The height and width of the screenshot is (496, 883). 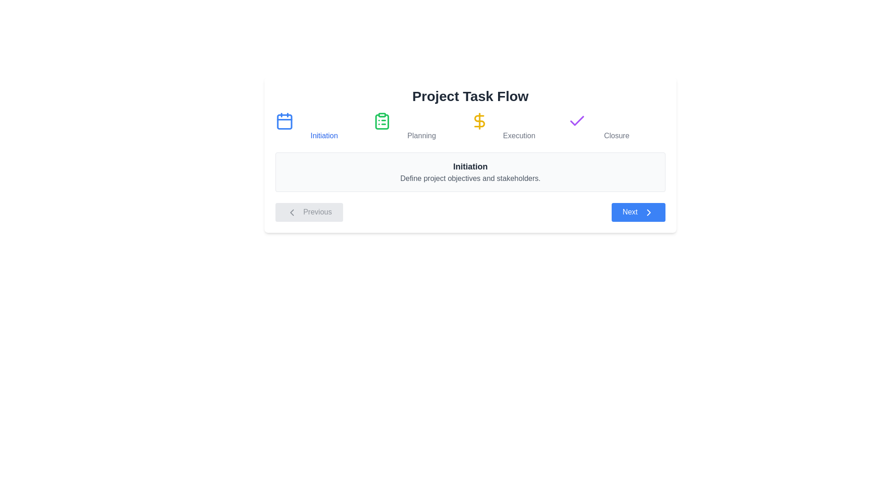 I want to click on the checkmark vector graphic icon that represents completion in the 'Closure' label section of the top navigation, so click(x=576, y=120).